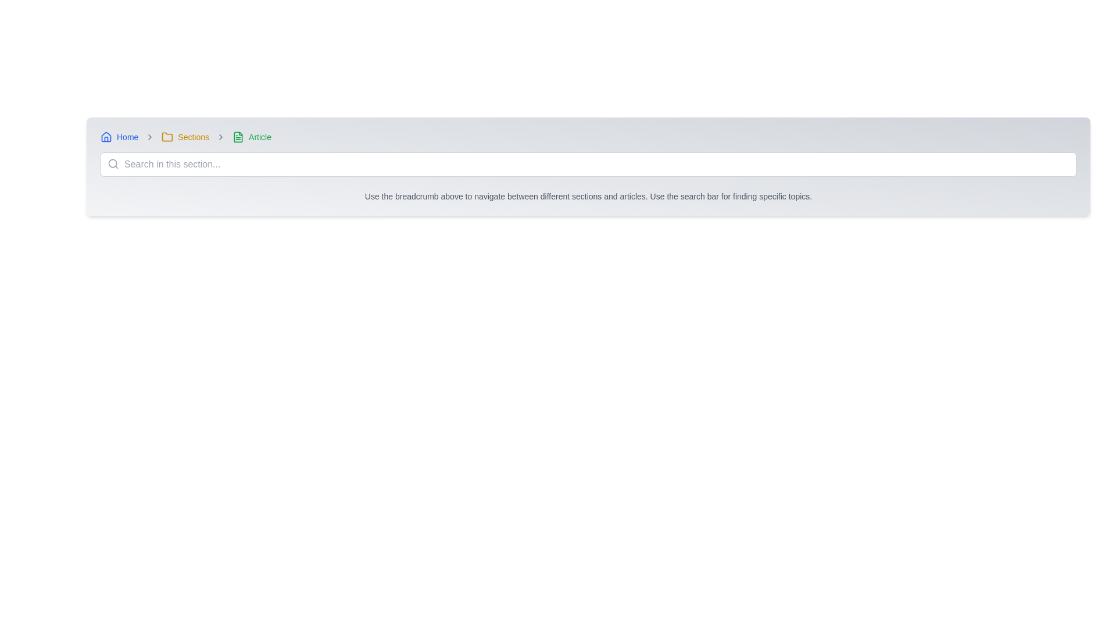  I want to click on the blue house icon in the breadcrumb navigation that is located to the left of the 'Home' text, so click(106, 136).